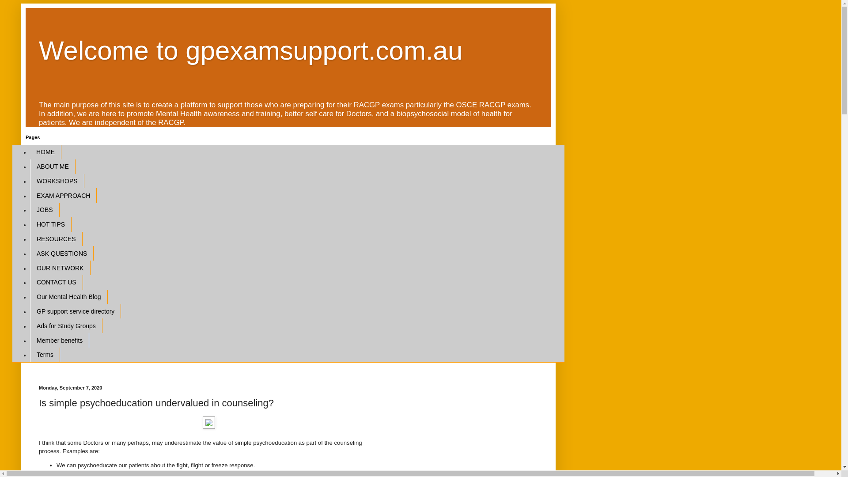 The height and width of the screenshot is (477, 848). What do you see at coordinates (60, 267) in the screenshot?
I see `'OUR NETWORK'` at bounding box center [60, 267].